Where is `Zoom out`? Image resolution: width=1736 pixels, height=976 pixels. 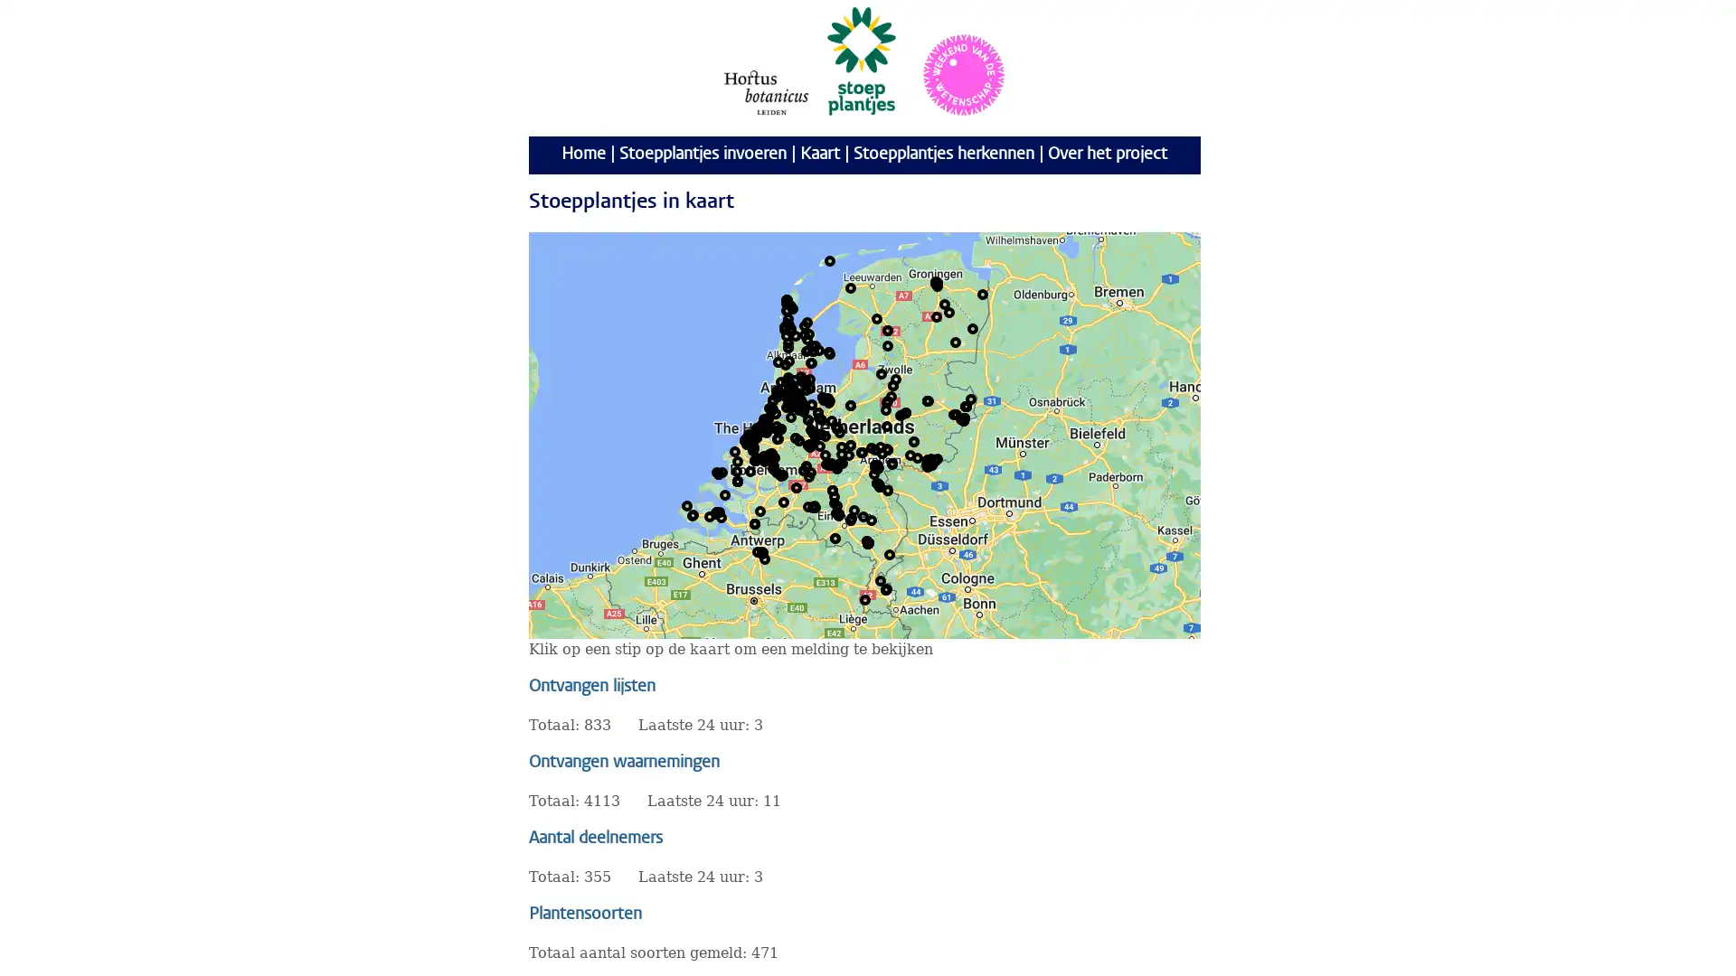
Zoom out is located at coordinates (1172, 598).